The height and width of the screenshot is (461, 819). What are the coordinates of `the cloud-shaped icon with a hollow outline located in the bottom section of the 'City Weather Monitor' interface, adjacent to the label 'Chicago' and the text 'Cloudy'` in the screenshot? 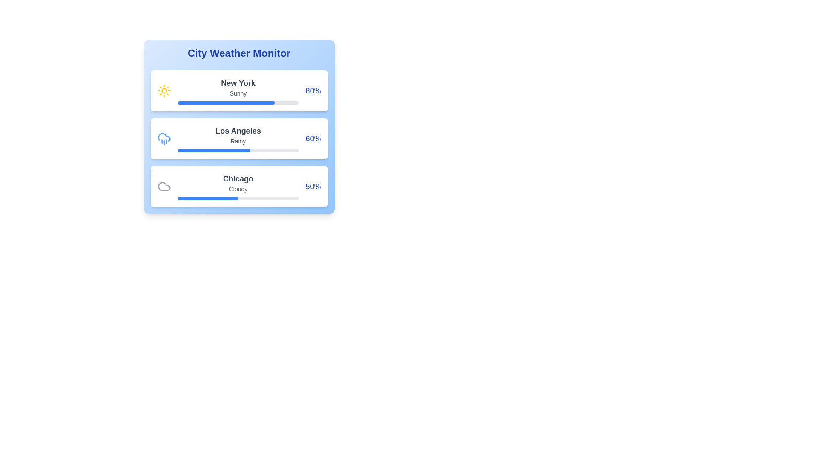 It's located at (164, 186).